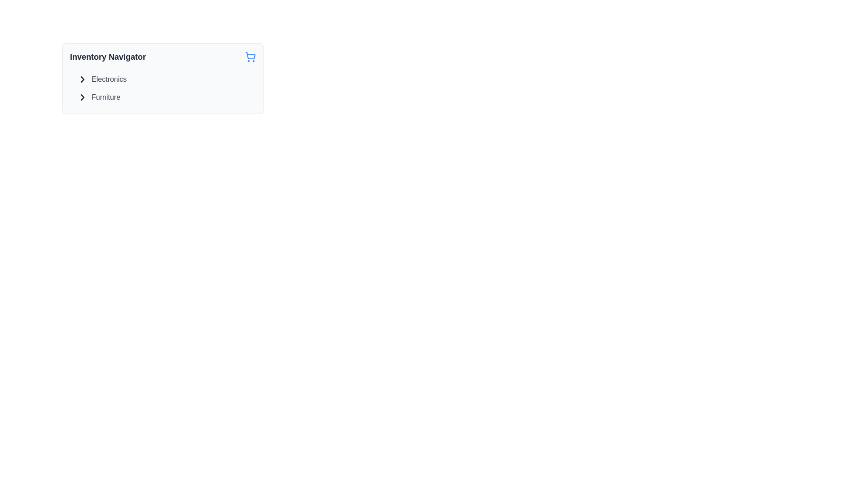 This screenshot has width=862, height=485. I want to click on the 'Furniture' text label in the inventory navigation panel, which is styled in gray font and positioned vertically below 'Electronics', so click(106, 97).